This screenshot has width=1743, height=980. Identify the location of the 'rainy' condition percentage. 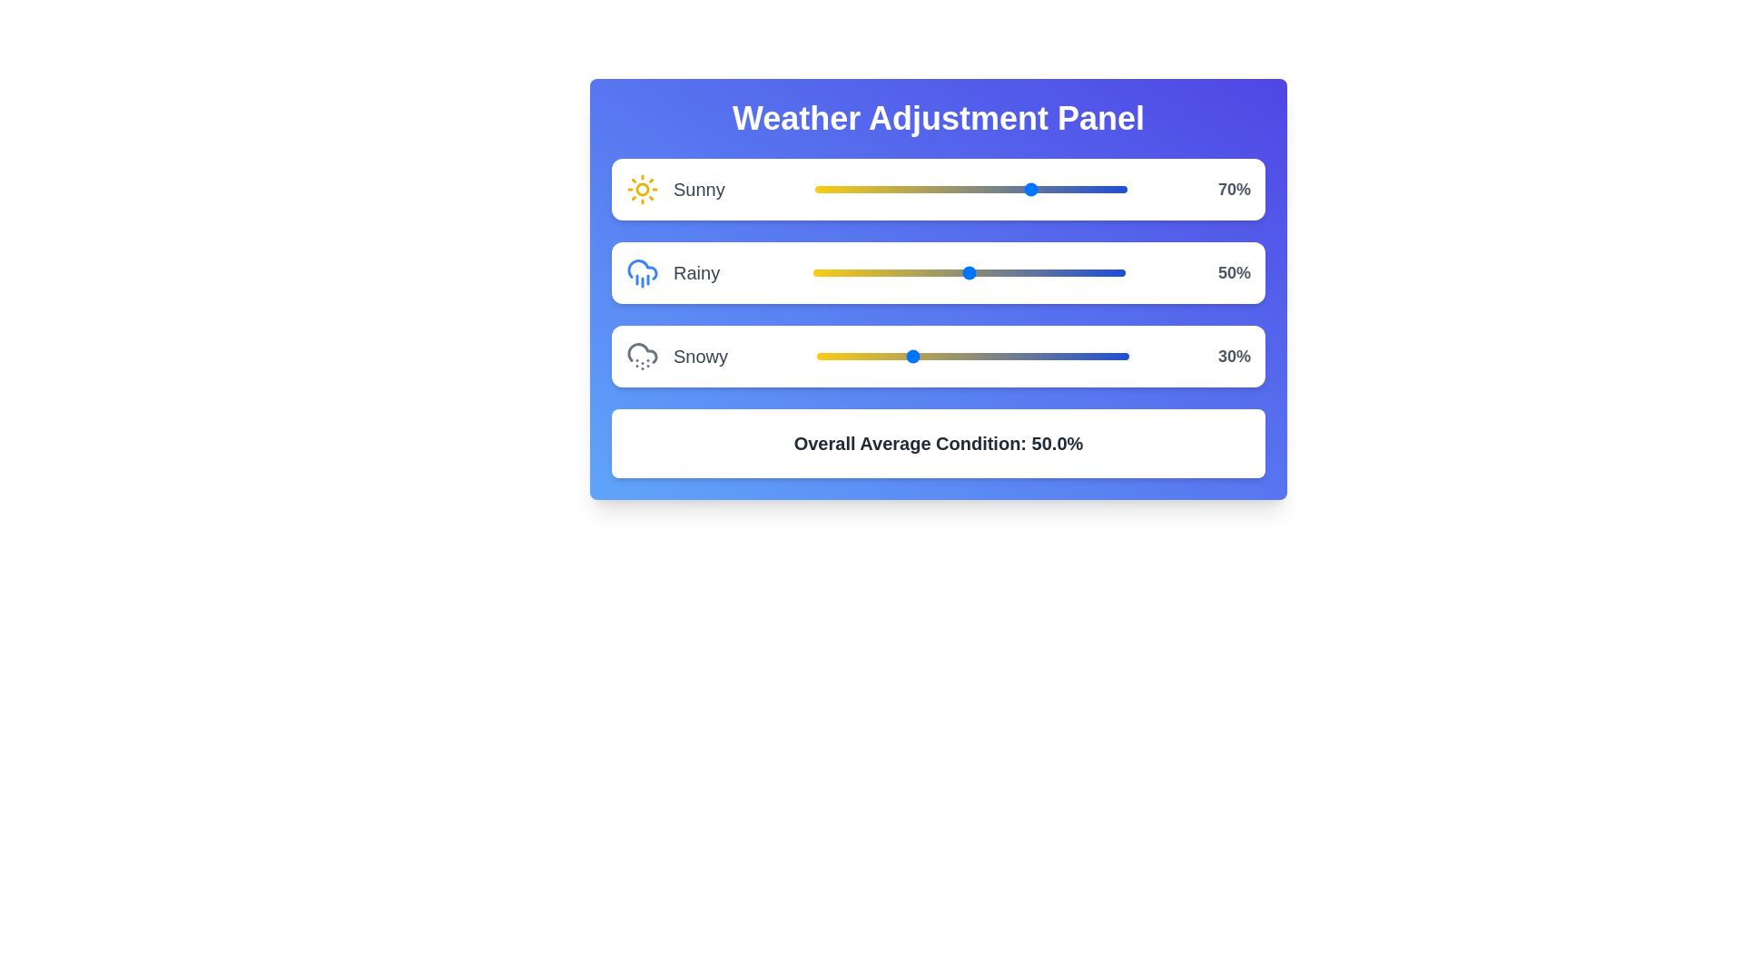
(1099, 272).